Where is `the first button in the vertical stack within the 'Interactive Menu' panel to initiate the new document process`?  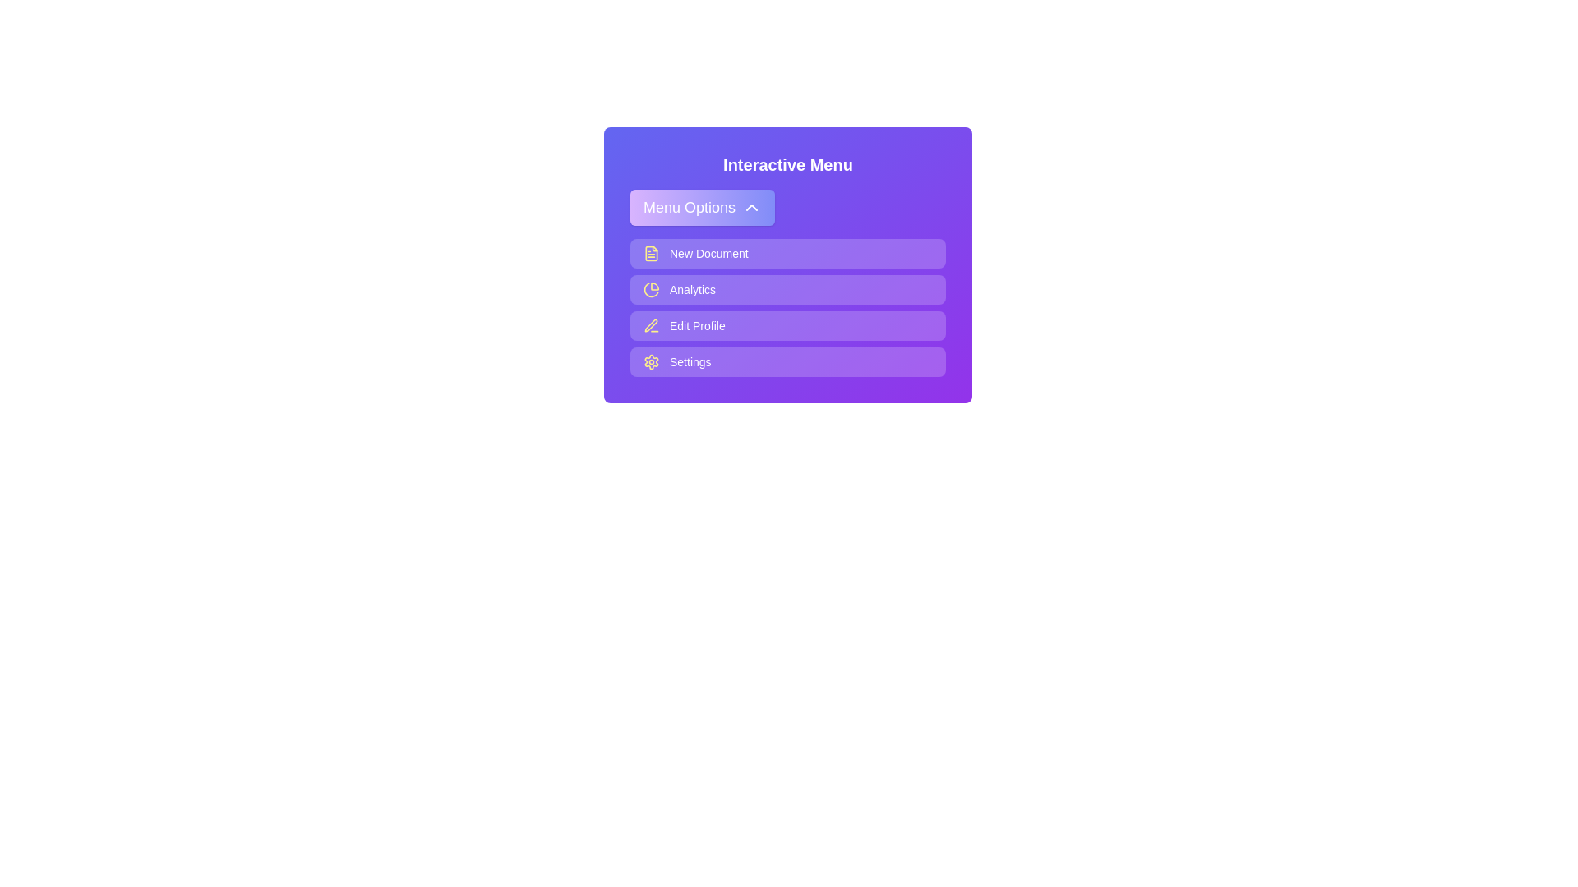
the first button in the vertical stack within the 'Interactive Menu' panel to initiate the new document process is located at coordinates (787, 253).